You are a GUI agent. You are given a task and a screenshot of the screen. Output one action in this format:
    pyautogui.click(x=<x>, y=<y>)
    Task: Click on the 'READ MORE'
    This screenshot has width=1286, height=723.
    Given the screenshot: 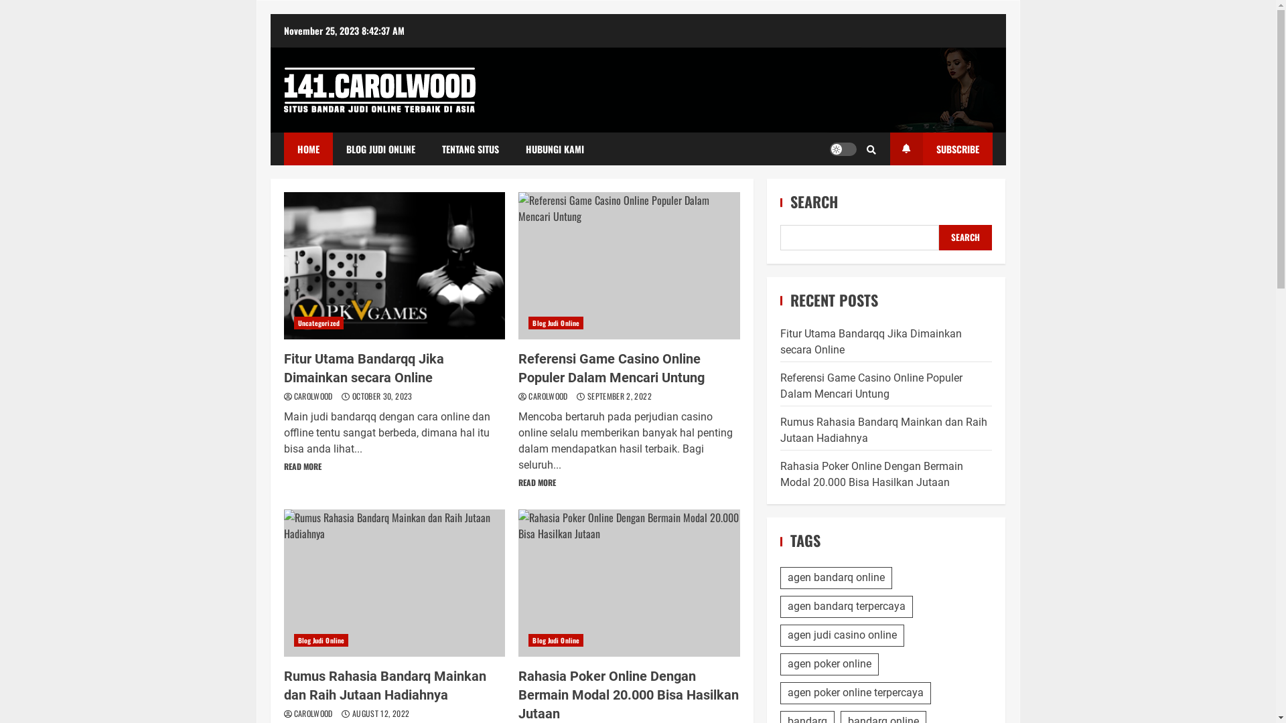 What is the action you would take?
    pyautogui.click(x=537, y=482)
    